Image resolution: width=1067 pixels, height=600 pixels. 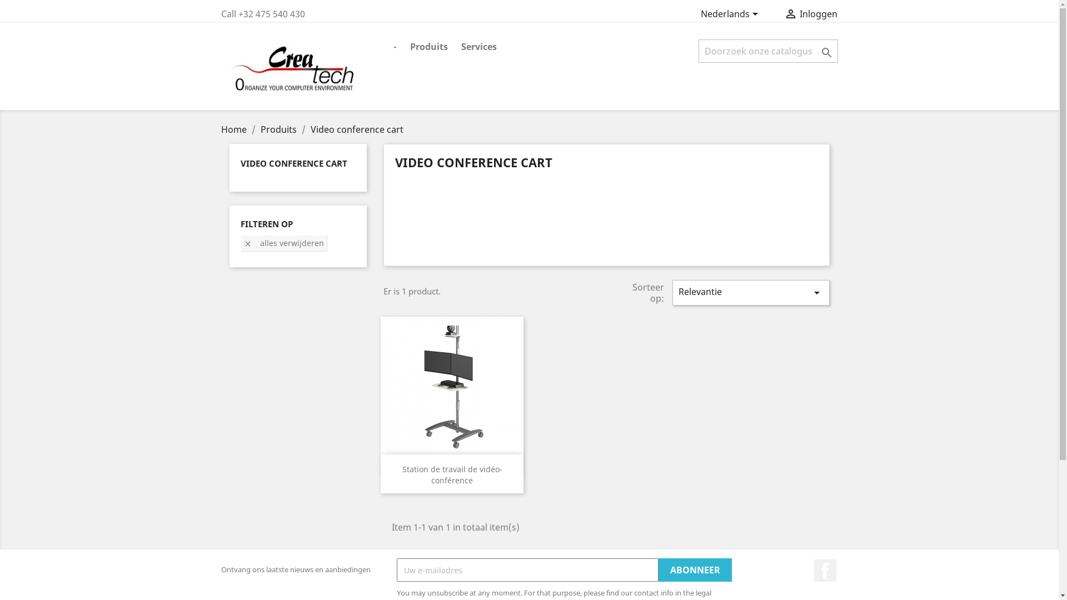 What do you see at coordinates (395, 47) in the screenshot?
I see `'-'` at bounding box center [395, 47].